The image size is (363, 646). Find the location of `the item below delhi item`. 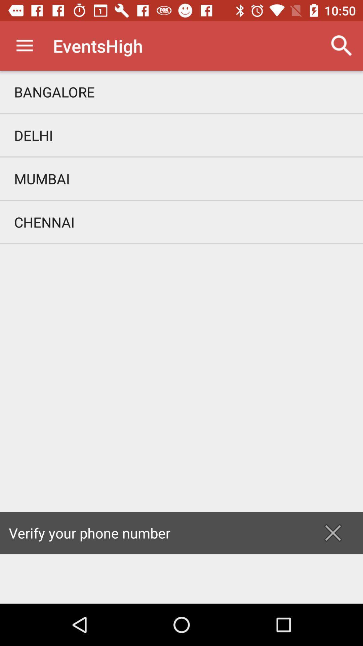

the item below delhi item is located at coordinates (182, 179).